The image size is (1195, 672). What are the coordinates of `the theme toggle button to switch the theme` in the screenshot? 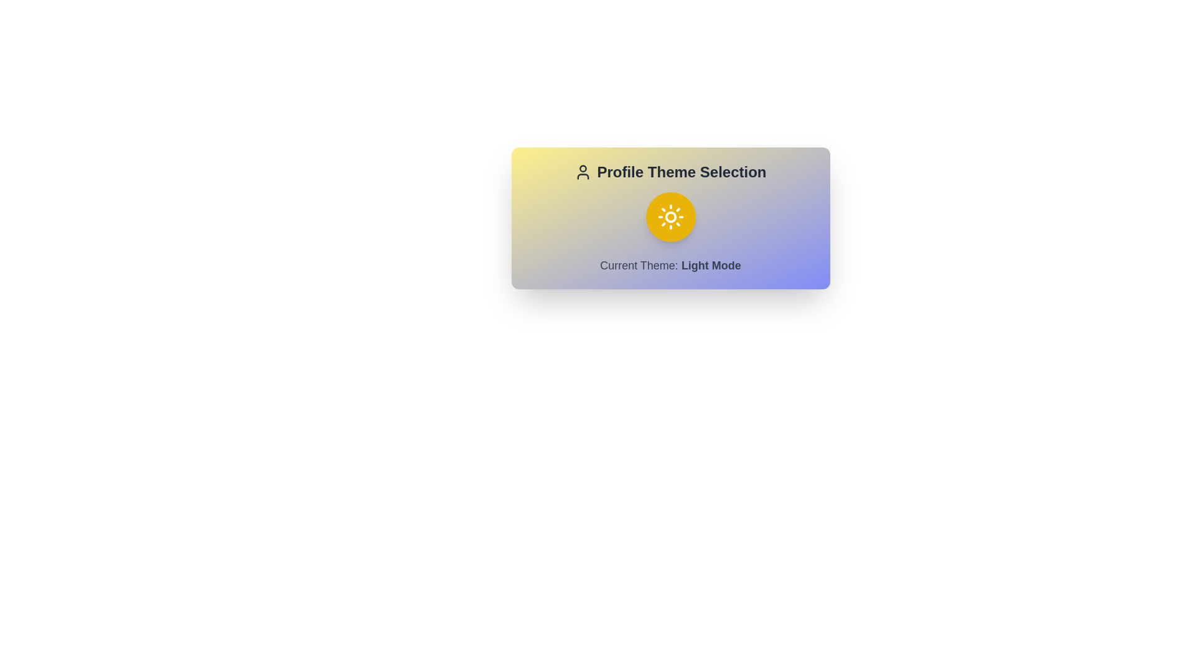 It's located at (670, 216).